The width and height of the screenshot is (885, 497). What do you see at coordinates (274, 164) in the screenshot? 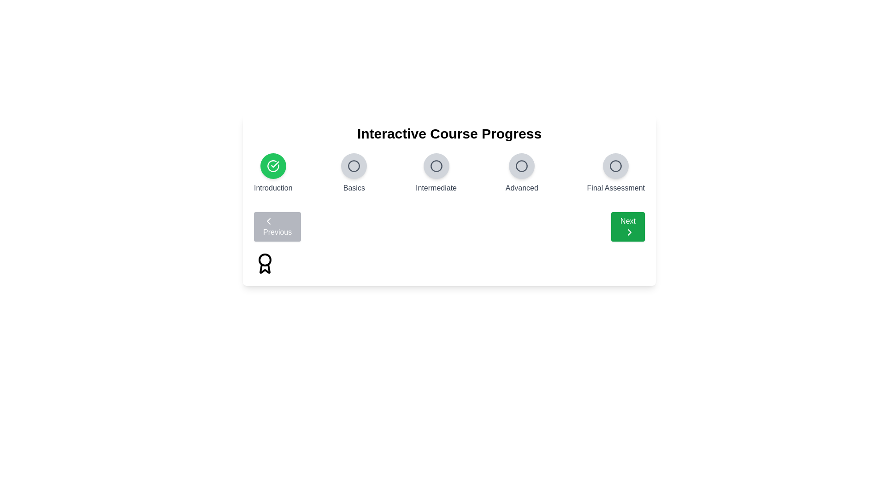
I see `the checkmark icon indicating a completed or selected state above the 'Introduction' label in the interface` at bounding box center [274, 164].